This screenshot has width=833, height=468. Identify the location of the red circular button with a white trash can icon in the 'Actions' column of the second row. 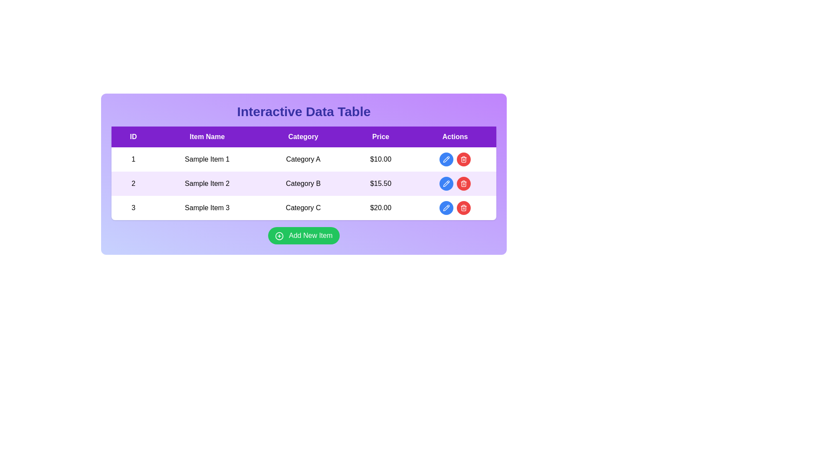
(463, 183).